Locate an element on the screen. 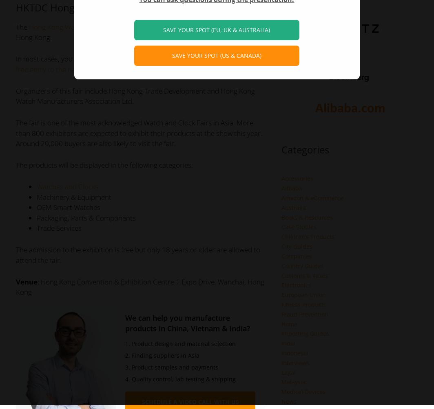 This screenshot has height=409, width=434. 'News' is located at coordinates (288, 401).